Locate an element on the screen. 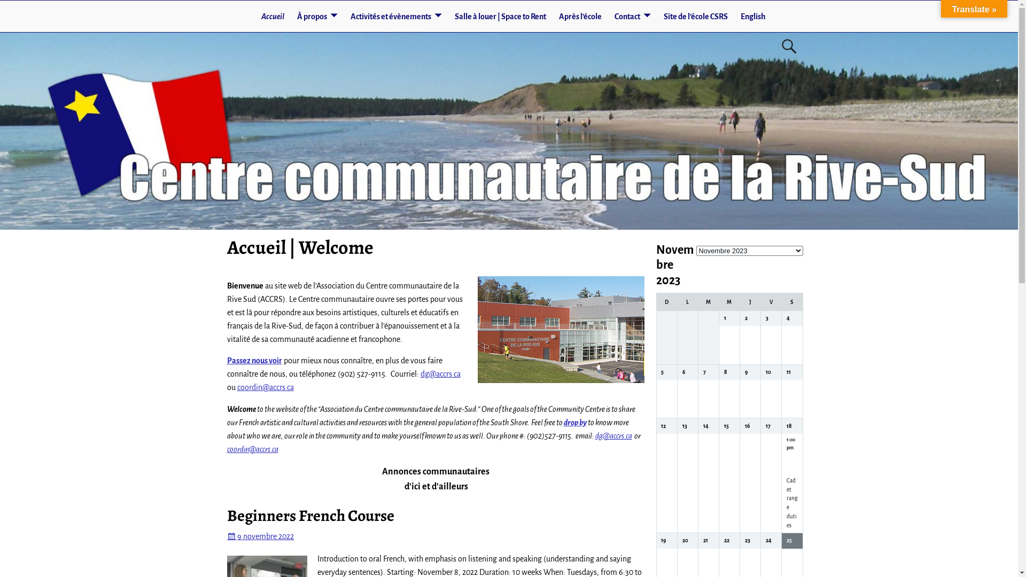 Image resolution: width=1026 pixels, height=577 pixels. 'Passez nous voir' is located at coordinates (253, 361).